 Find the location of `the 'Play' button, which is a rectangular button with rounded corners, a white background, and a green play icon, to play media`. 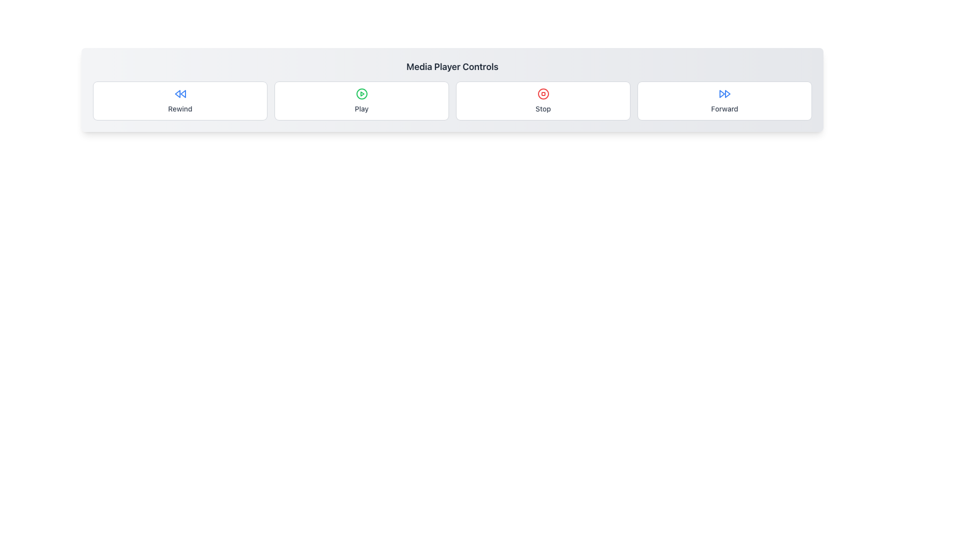

the 'Play' button, which is a rectangular button with rounded corners, a white background, and a green play icon, to play media is located at coordinates (361, 100).